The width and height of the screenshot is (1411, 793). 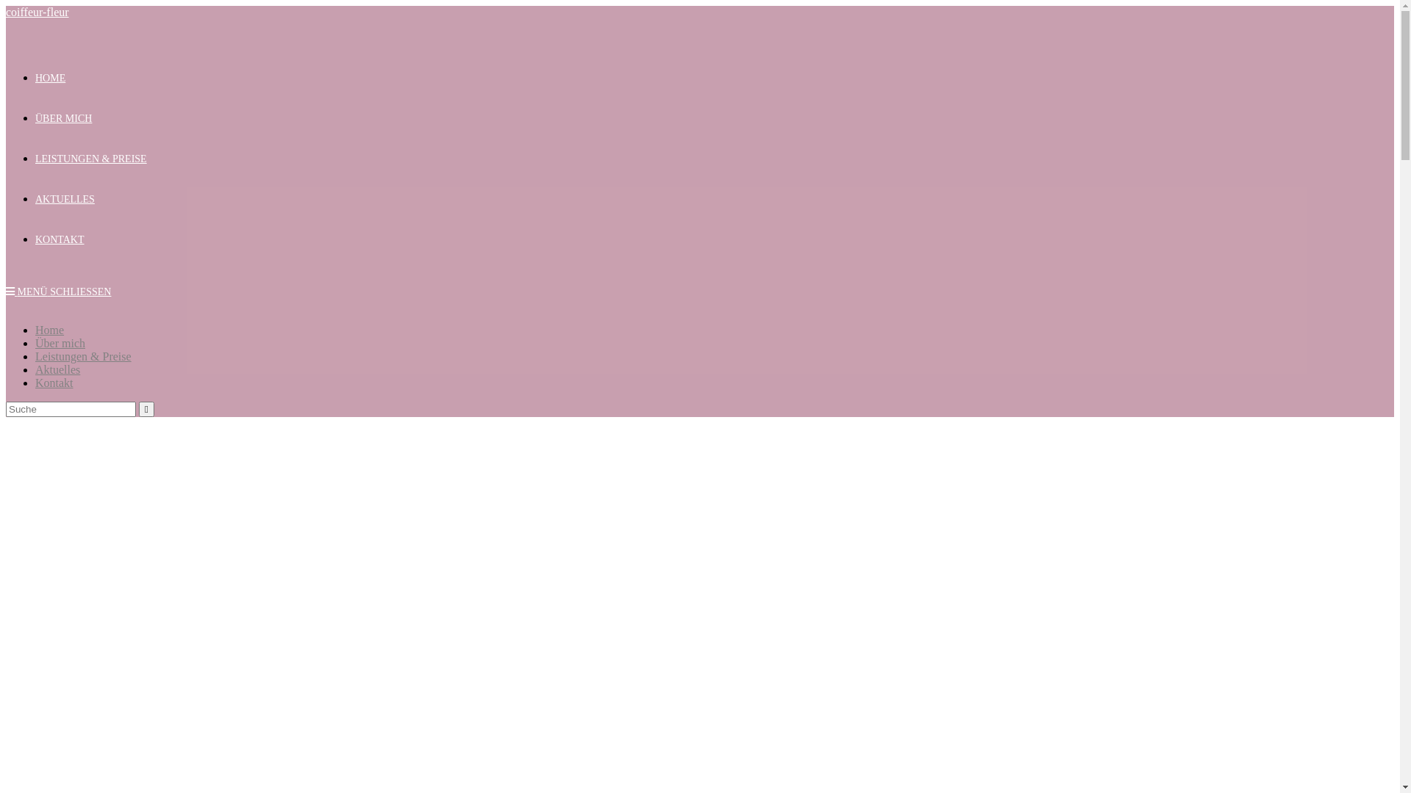 What do you see at coordinates (35, 159) in the screenshot?
I see `'LEISTUNGEN & PREISE'` at bounding box center [35, 159].